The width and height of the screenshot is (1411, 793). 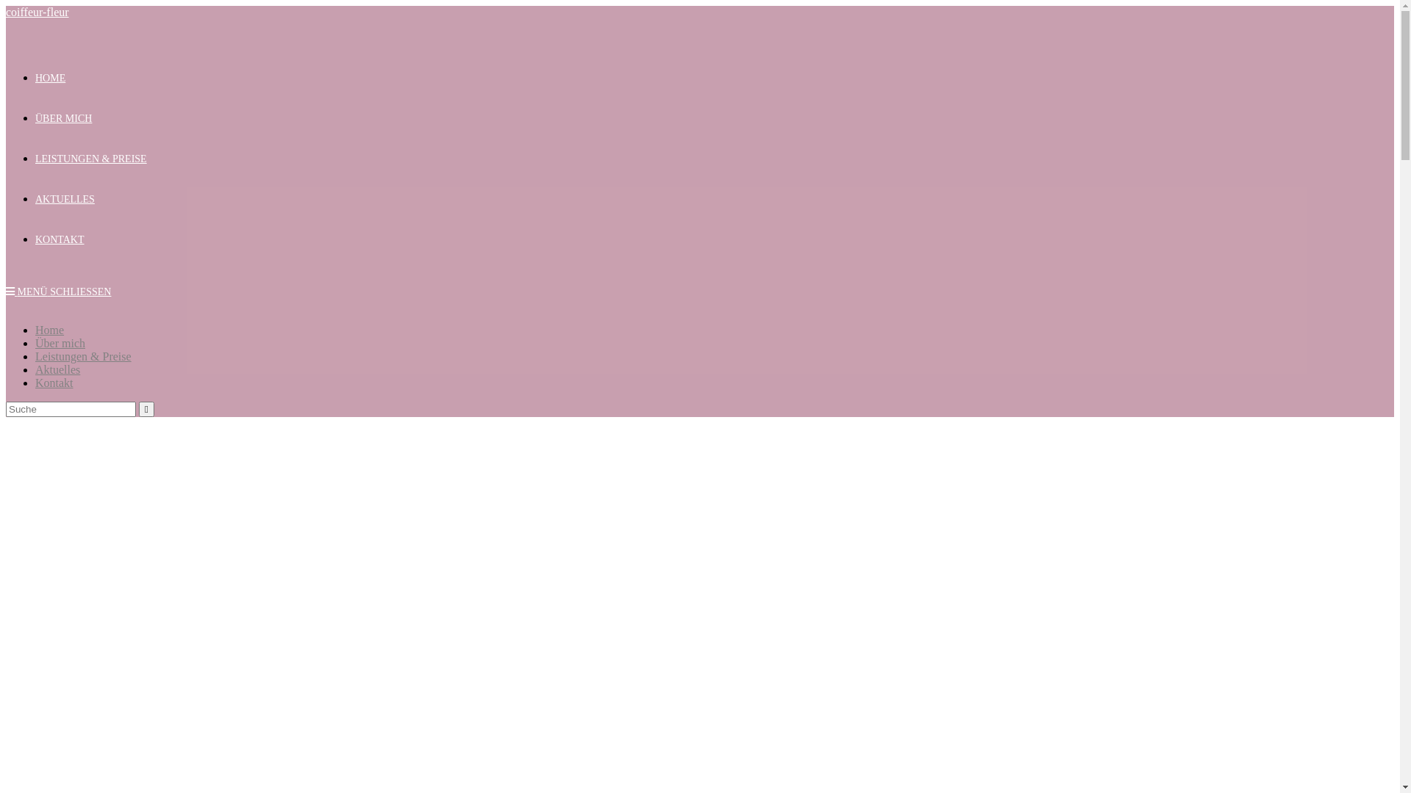 What do you see at coordinates (35, 159) in the screenshot?
I see `'LEISTUNGEN & PREISE'` at bounding box center [35, 159].